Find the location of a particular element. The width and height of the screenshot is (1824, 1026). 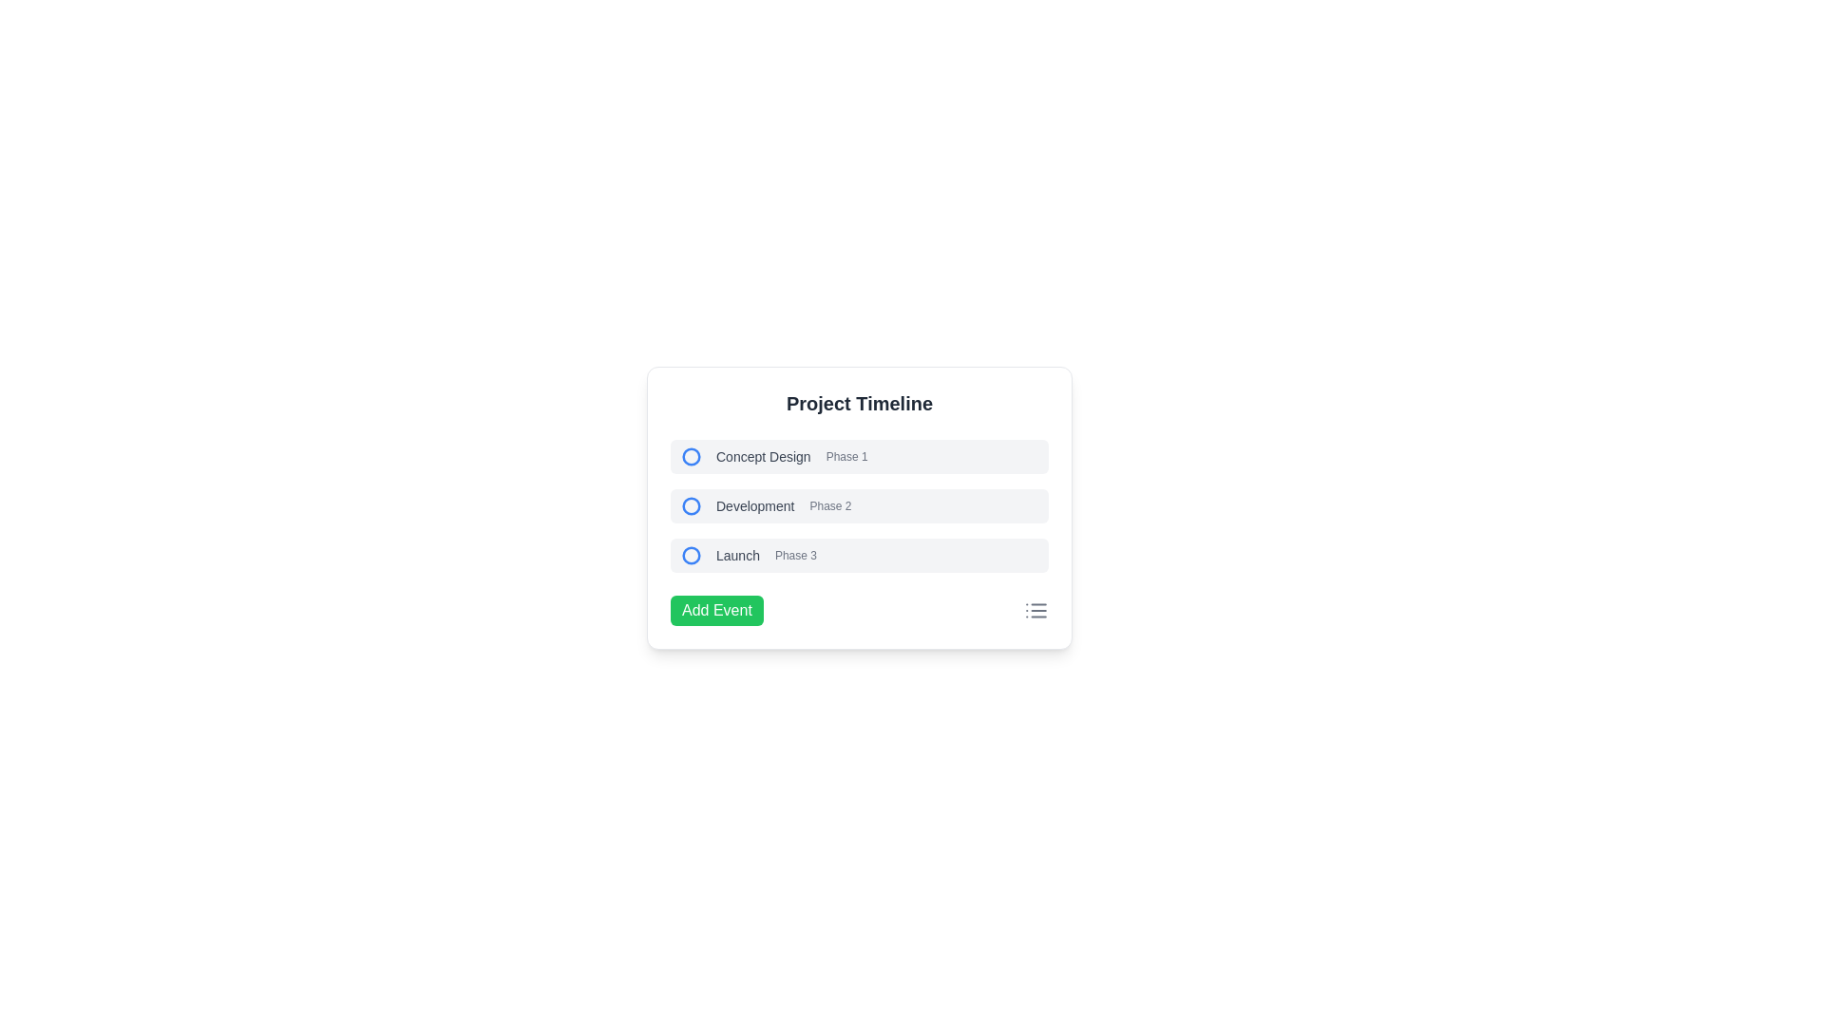

the list item labeled 'Concept Design' is located at coordinates (859, 457).